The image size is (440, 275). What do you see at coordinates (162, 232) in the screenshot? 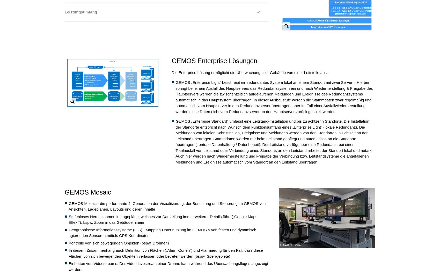
I see `'Geographische Informationssysteme (GIS) - Mapping-Unterstützung im GEMOS 5 von festen und dynamisch agierenden Sensoren mittels GPS-Koordinaten'` at bounding box center [162, 232].